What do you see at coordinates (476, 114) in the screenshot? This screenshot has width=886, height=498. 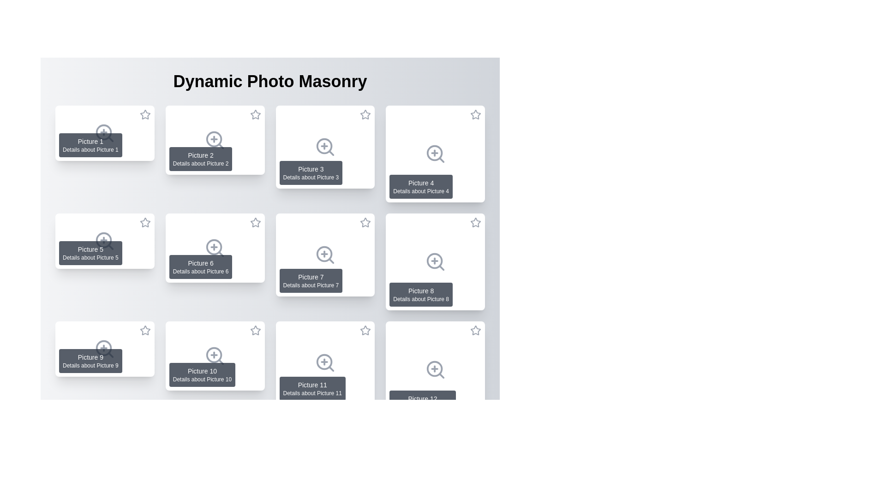 I see `the favorite button located in the top-right corner of the fourth tile labeled 'Picture 4'` at bounding box center [476, 114].